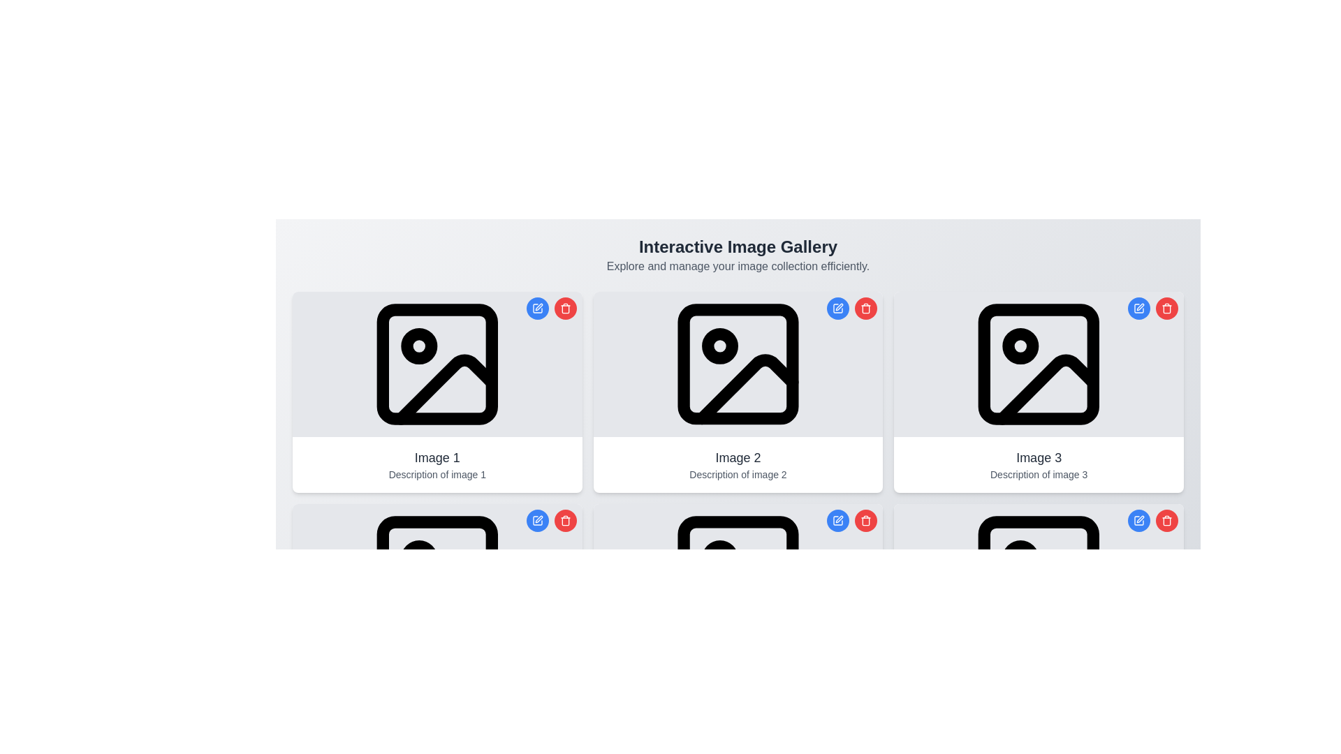 This screenshot has width=1341, height=754. Describe the element at coordinates (865, 308) in the screenshot. I see `the red circular delete button with a white trash can icon located in the top-right corner of the second image card to trigger the hover effect` at that location.